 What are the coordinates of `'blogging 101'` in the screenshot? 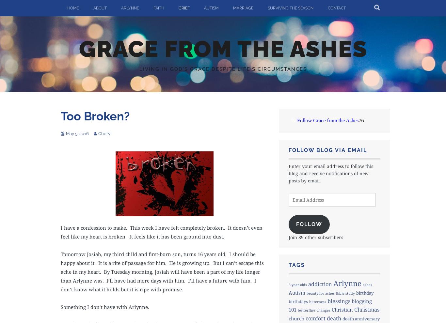 It's located at (330, 305).